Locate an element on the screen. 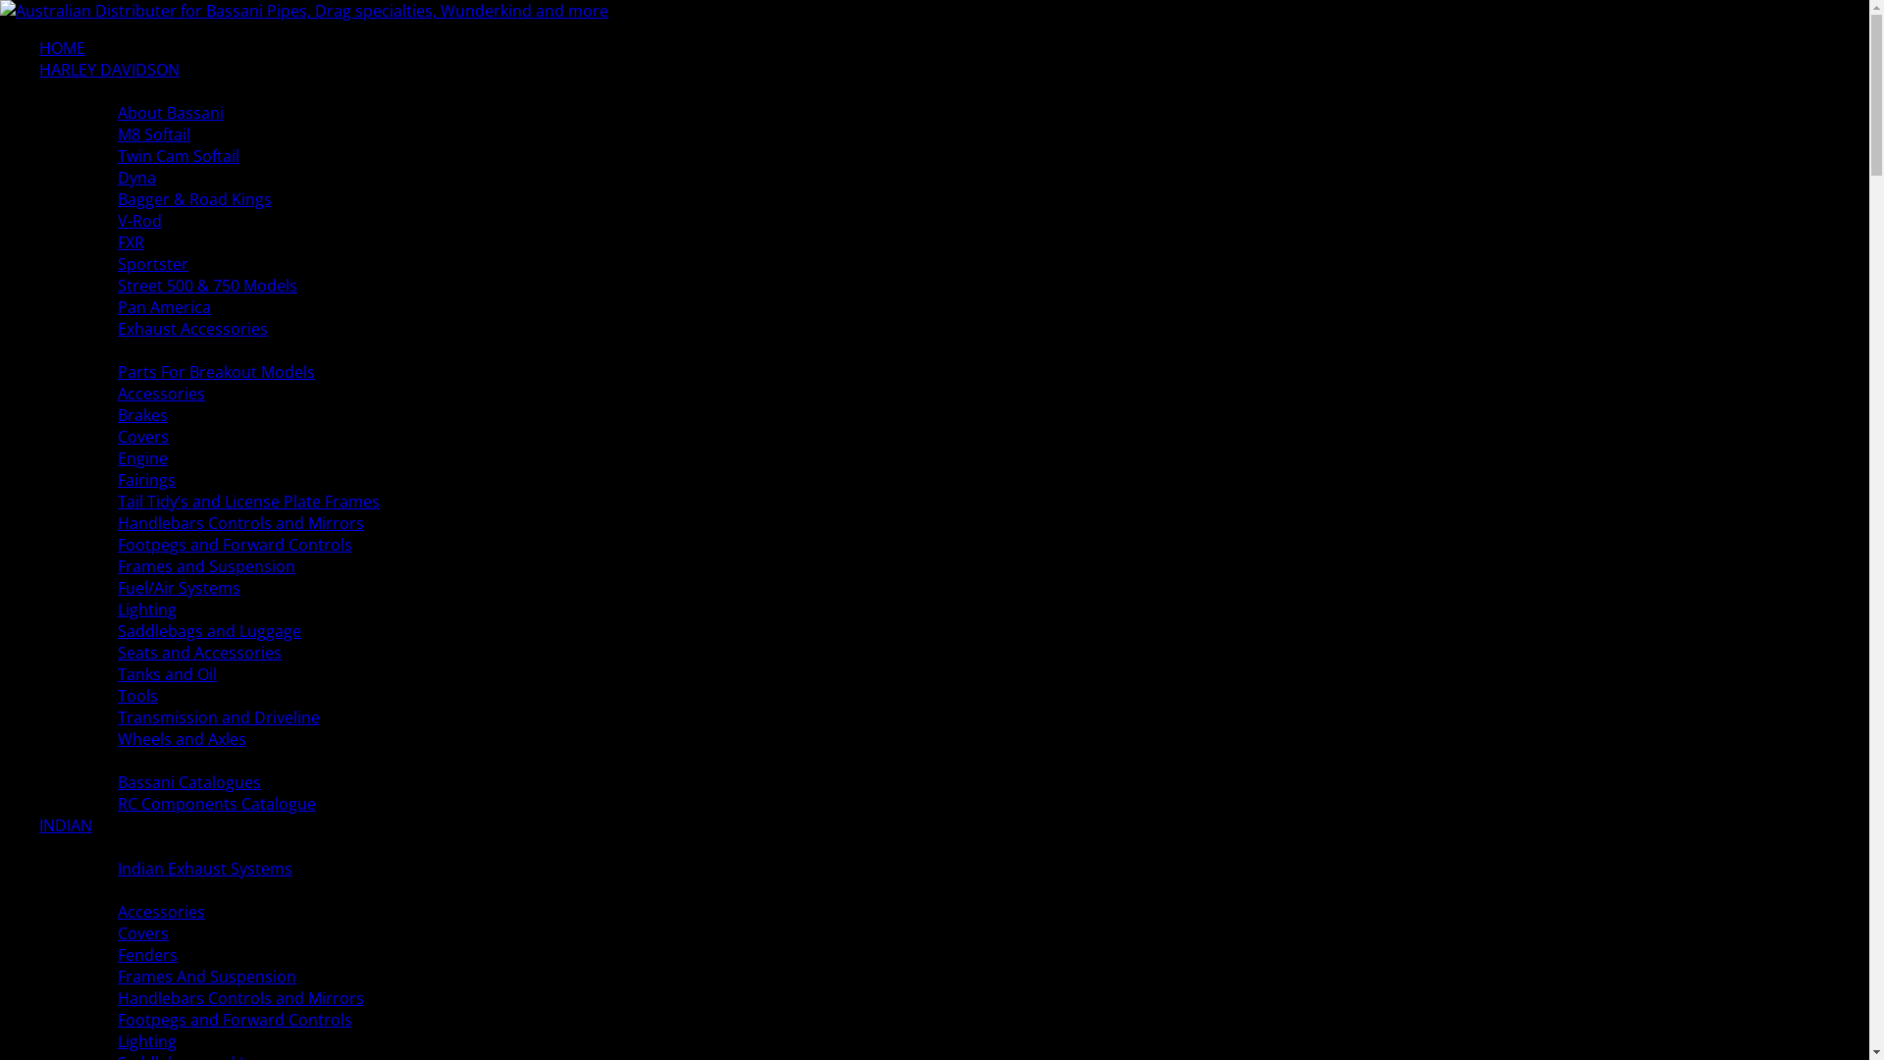 The height and width of the screenshot is (1060, 1884). 'Fairings' is located at coordinates (145, 480).